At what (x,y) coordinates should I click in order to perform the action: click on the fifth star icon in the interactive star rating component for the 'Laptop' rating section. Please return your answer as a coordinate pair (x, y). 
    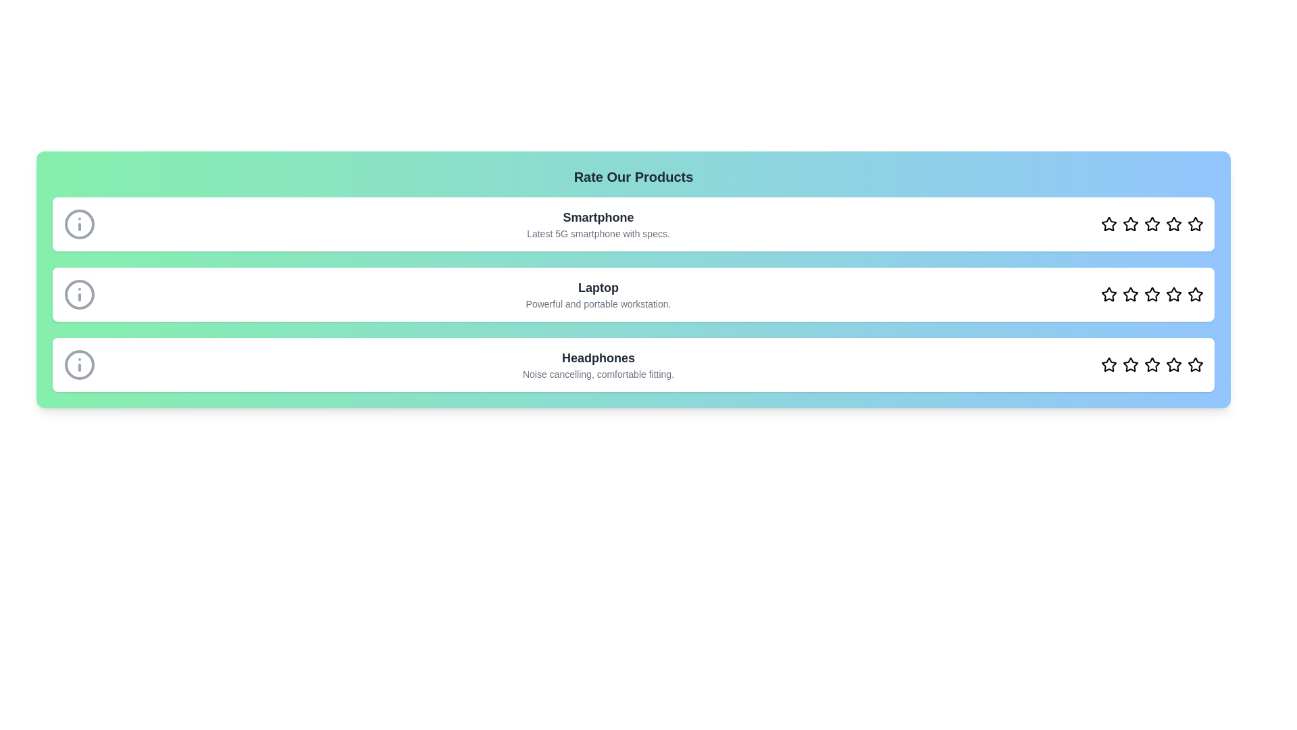
    Looking at the image, I should click on (1173, 293).